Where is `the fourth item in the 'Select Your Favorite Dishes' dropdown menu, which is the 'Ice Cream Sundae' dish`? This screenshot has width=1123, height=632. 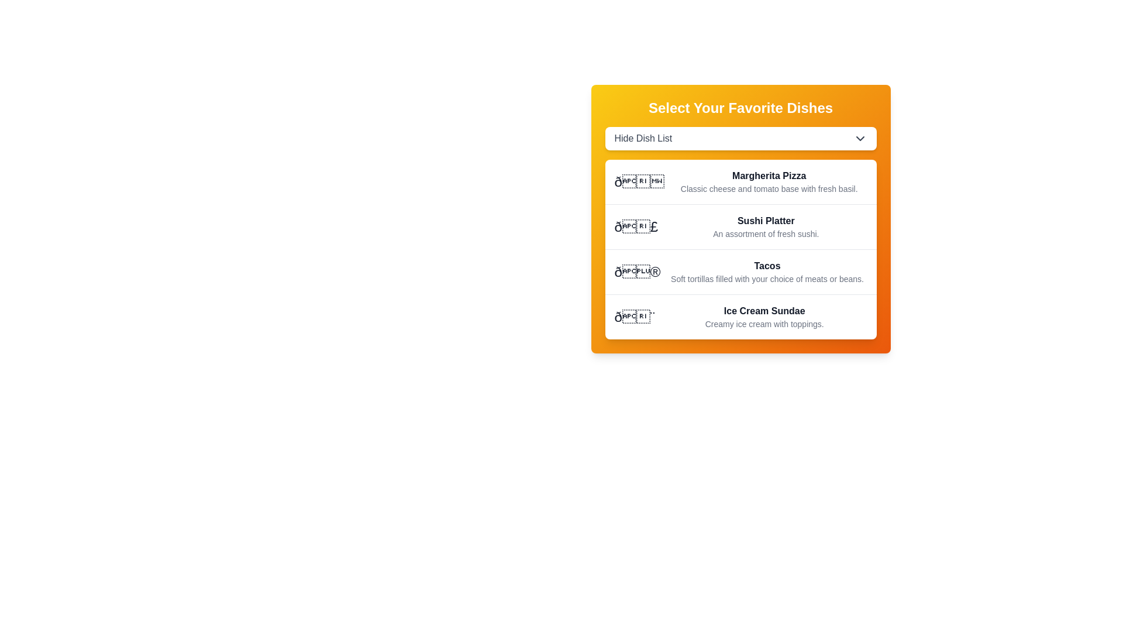 the fourth item in the 'Select Your Favorite Dishes' dropdown menu, which is the 'Ice Cream Sundae' dish is located at coordinates (740, 317).